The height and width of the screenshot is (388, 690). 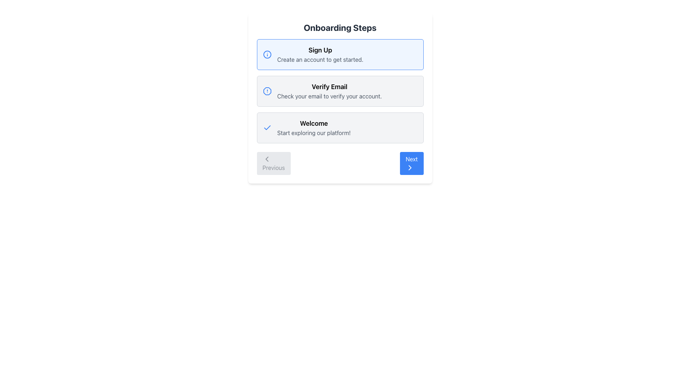 I want to click on text label that serves to title the current step, positioned above the description 'Start exploring our platform!', so click(x=314, y=123).